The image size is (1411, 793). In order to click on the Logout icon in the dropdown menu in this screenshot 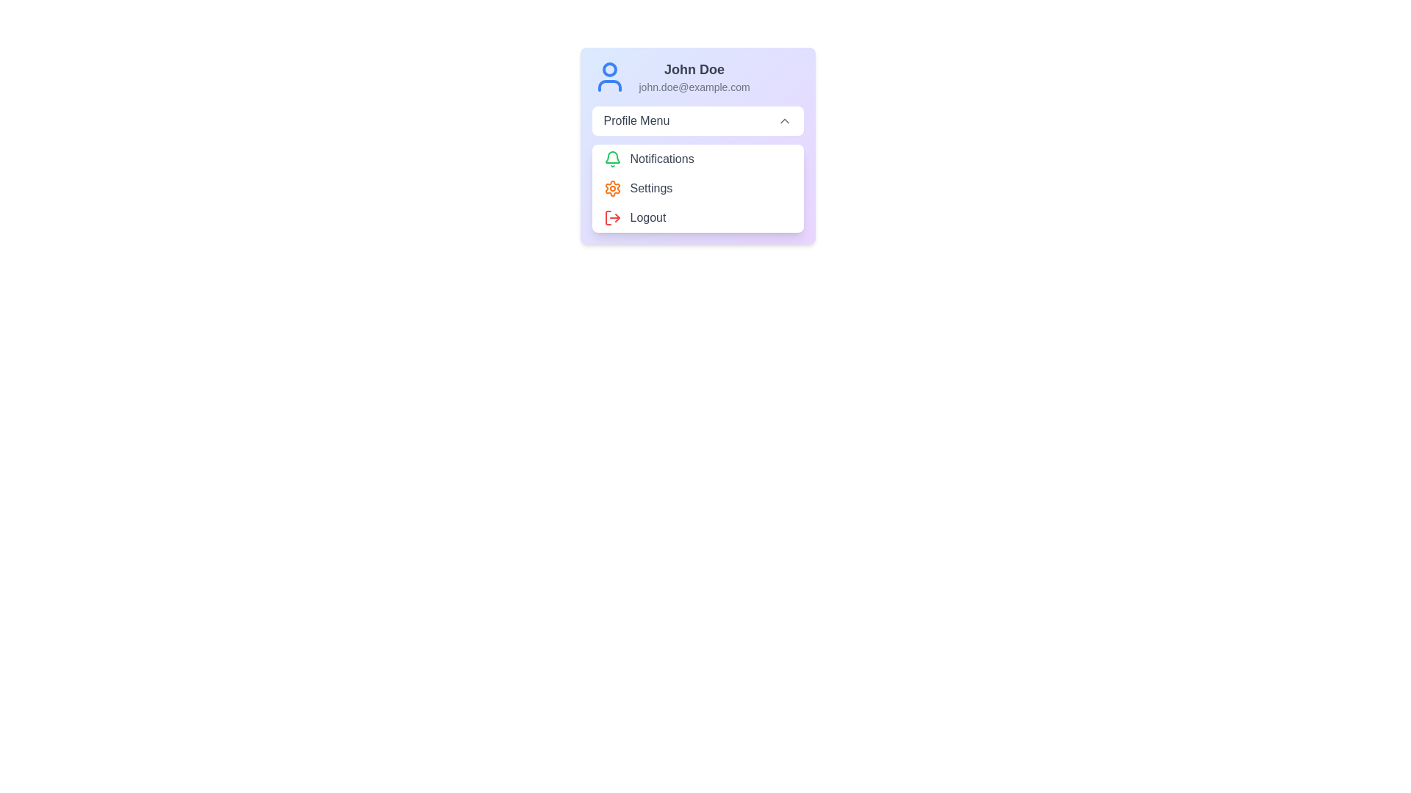, I will do `click(612, 218)`.